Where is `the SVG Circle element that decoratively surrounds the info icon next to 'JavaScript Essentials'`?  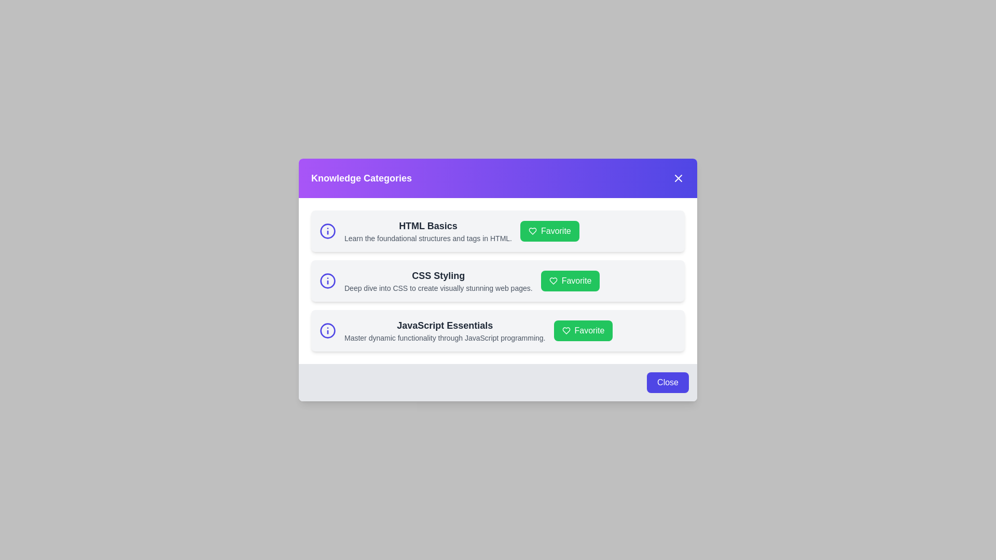 the SVG Circle element that decoratively surrounds the info icon next to 'JavaScript Essentials' is located at coordinates (327, 330).